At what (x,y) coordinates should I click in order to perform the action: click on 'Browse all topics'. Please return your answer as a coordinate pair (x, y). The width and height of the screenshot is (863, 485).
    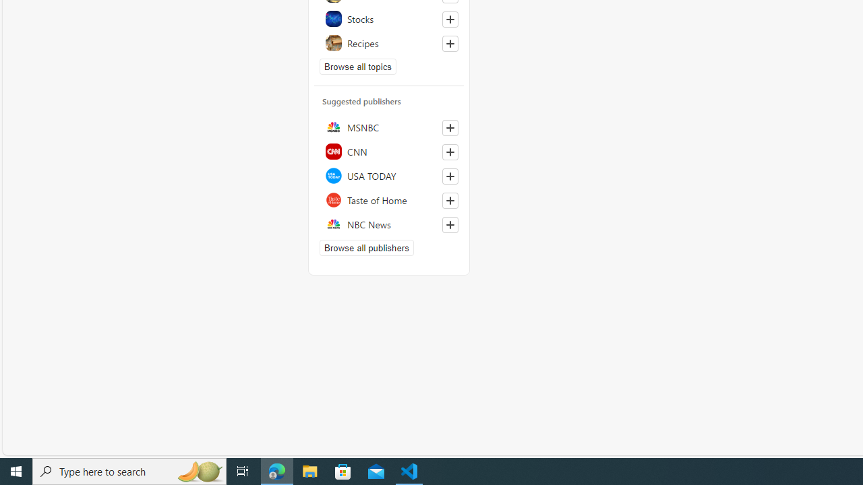
    Looking at the image, I should click on (358, 67).